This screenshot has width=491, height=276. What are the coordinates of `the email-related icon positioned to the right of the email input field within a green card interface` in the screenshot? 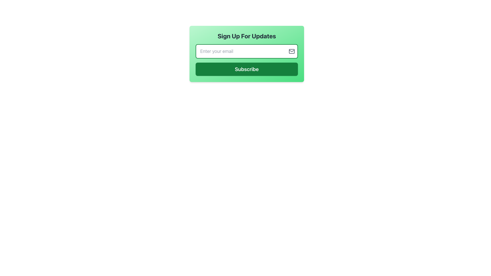 It's located at (292, 51).